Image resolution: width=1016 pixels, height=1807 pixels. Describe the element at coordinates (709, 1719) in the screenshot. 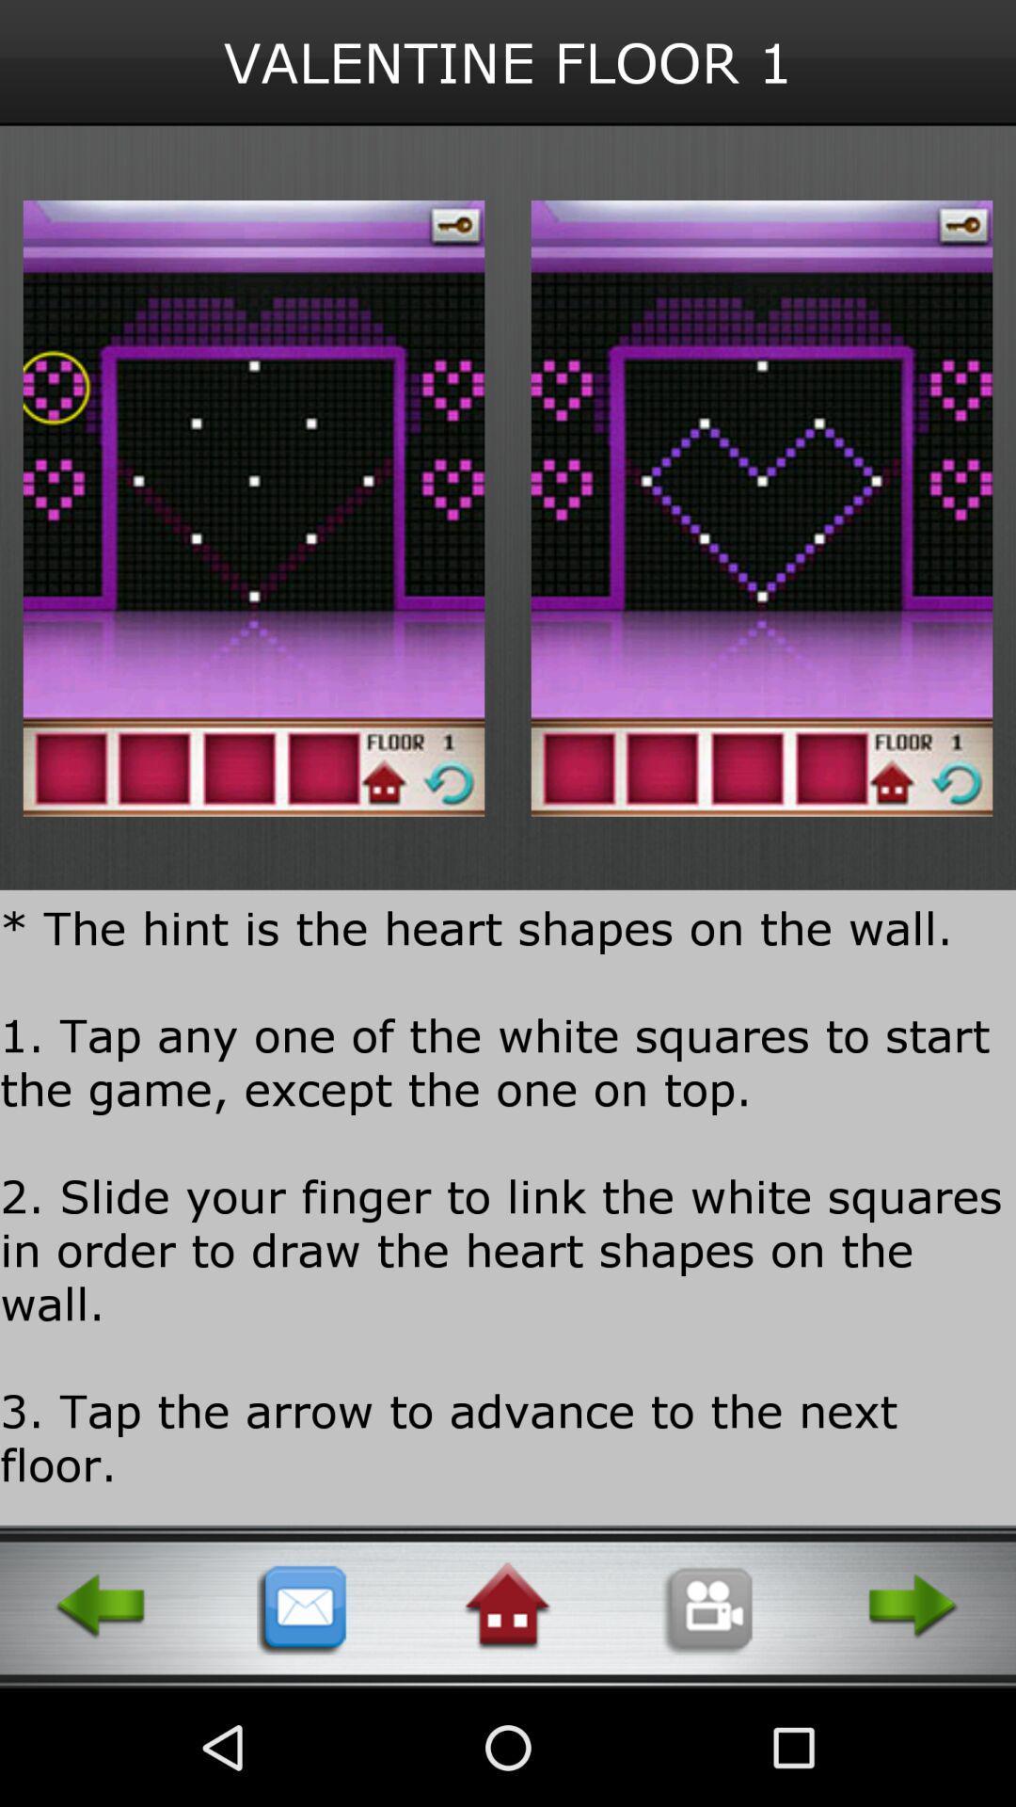

I see `the videocam icon` at that location.